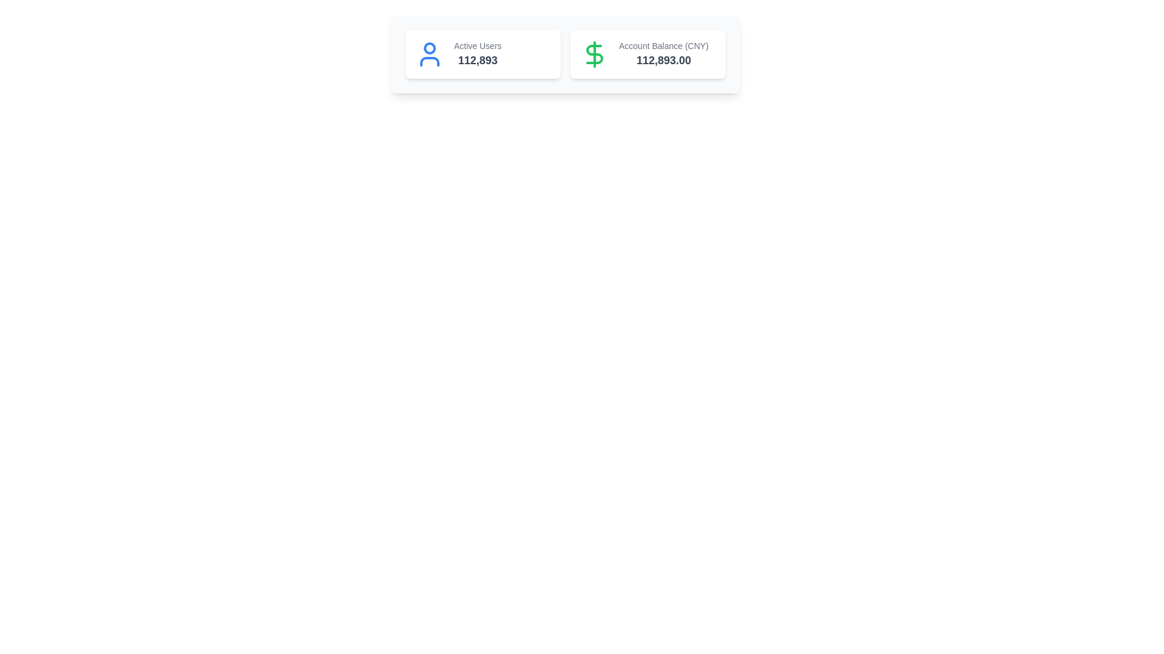  What do you see at coordinates (663, 45) in the screenshot?
I see `the text label that describes the numeric account balance, located in the right-hand card above the balance amount '112,893.00'` at bounding box center [663, 45].